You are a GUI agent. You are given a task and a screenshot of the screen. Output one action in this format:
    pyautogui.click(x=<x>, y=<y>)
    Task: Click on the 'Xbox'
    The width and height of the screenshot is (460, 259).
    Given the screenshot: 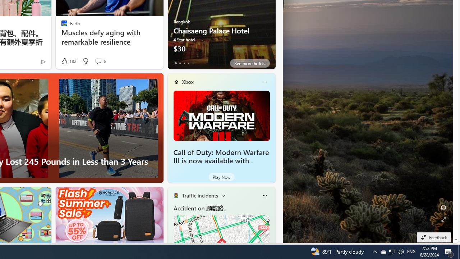 What is the action you would take?
    pyautogui.click(x=188, y=81)
    